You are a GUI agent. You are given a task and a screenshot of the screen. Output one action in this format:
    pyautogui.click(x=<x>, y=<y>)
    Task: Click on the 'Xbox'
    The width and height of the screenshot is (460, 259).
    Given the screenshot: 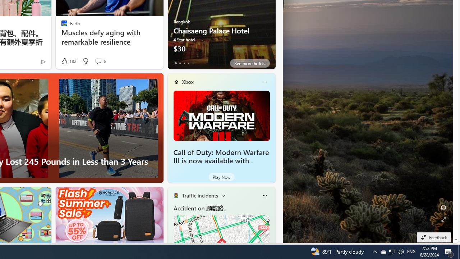 What is the action you would take?
    pyautogui.click(x=188, y=81)
    